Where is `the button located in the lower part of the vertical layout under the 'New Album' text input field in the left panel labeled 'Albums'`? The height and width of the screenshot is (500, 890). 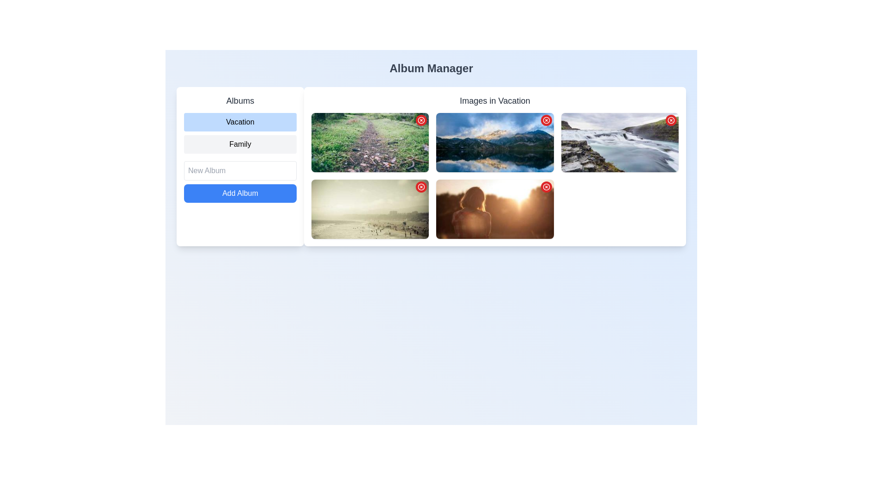 the button located in the lower part of the vertical layout under the 'New Album' text input field in the left panel labeled 'Albums' is located at coordinates (240, 193).